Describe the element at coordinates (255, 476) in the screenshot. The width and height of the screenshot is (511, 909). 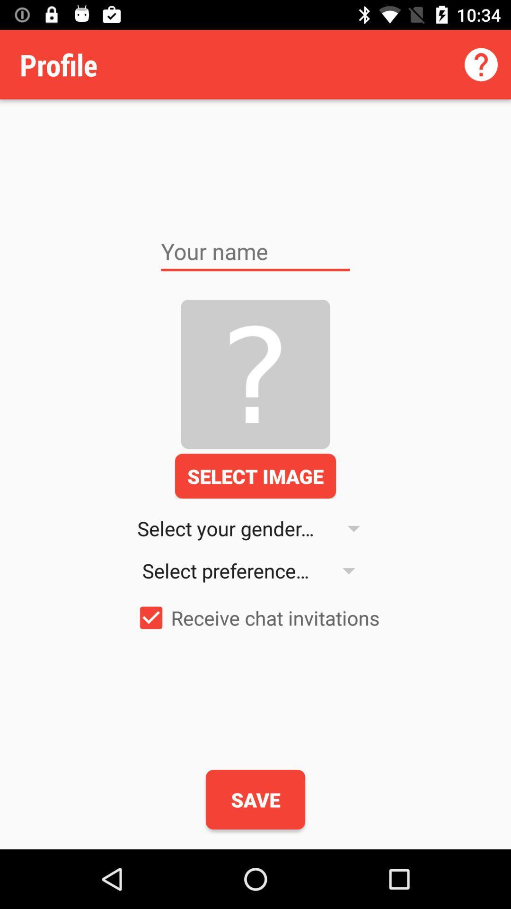
I see `select image` at that location.